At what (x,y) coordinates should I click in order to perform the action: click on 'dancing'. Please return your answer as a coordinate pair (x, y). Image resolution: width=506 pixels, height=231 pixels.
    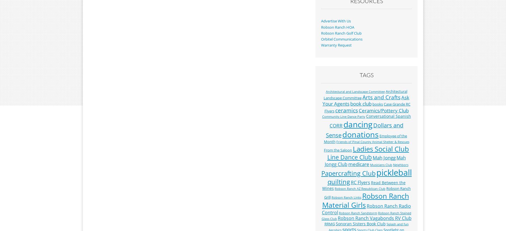
    Looking at the image, I should click on (358, 124).